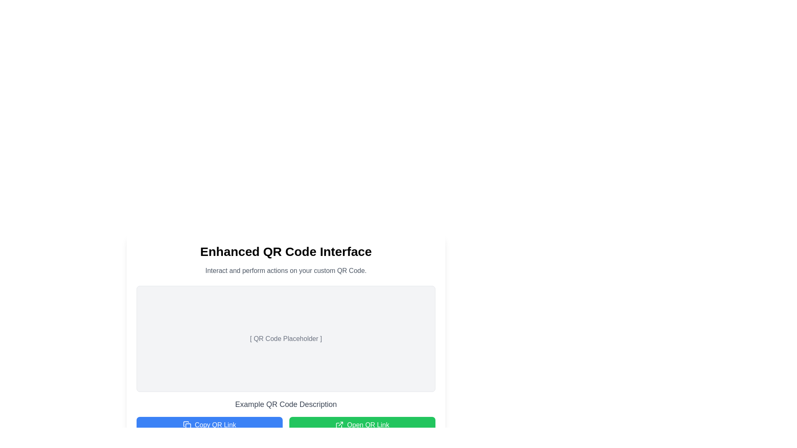 This screenshot has width=797, height=448. Describe the element at coordinates (286, 260) in the screenshot. I see `text from the two-line text block that serves as a descriptive header and introduction to the QR Code functionalities` at that location.